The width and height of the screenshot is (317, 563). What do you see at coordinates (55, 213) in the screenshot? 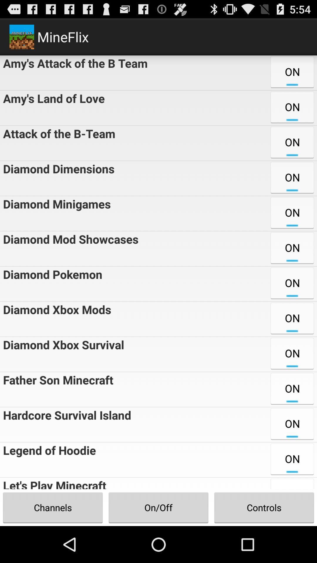
I see `app above the diamond mod showcases item` at bounding box center [55, 213].